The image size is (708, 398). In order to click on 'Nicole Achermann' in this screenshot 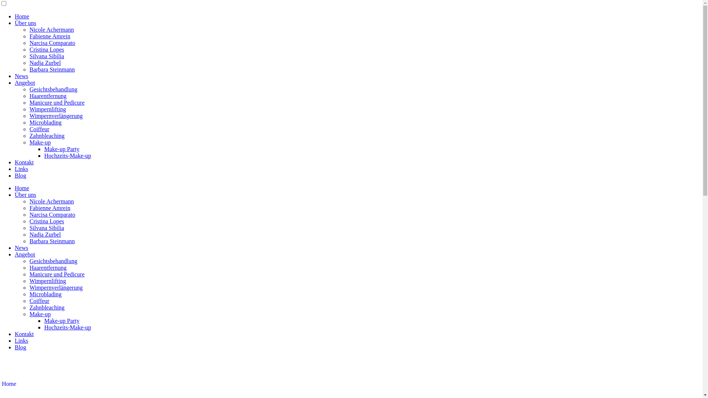, I will do `click(51, 201)`.